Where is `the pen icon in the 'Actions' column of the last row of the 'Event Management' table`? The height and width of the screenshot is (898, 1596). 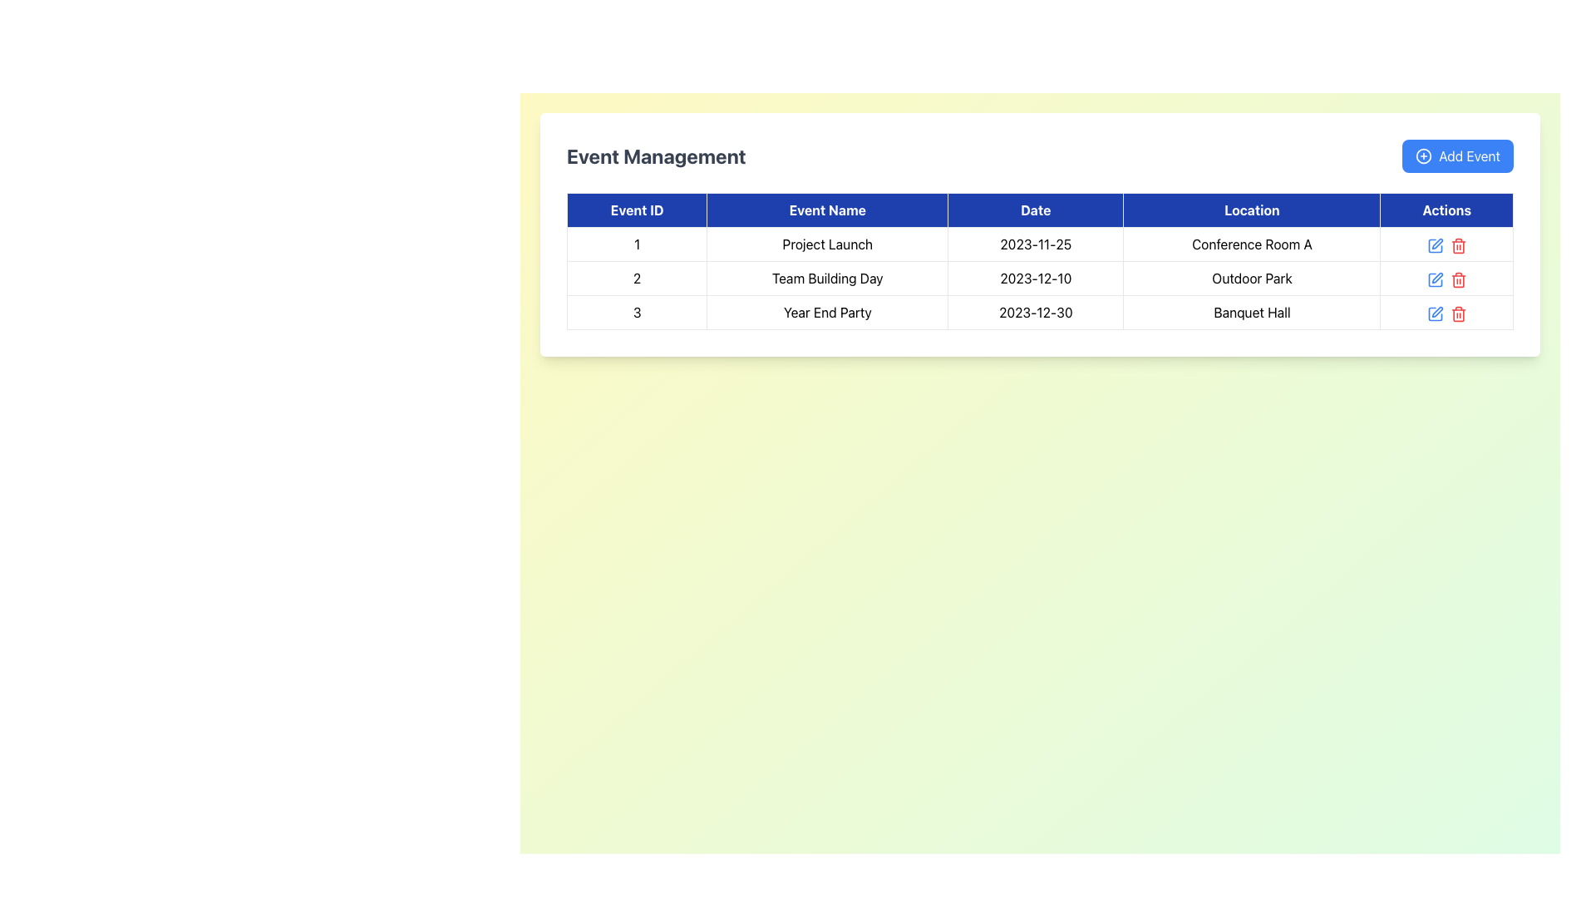 the pen icon in the 'Actions' column of the last row of the 'Event Management' table is located at coordinates (1436, 312).